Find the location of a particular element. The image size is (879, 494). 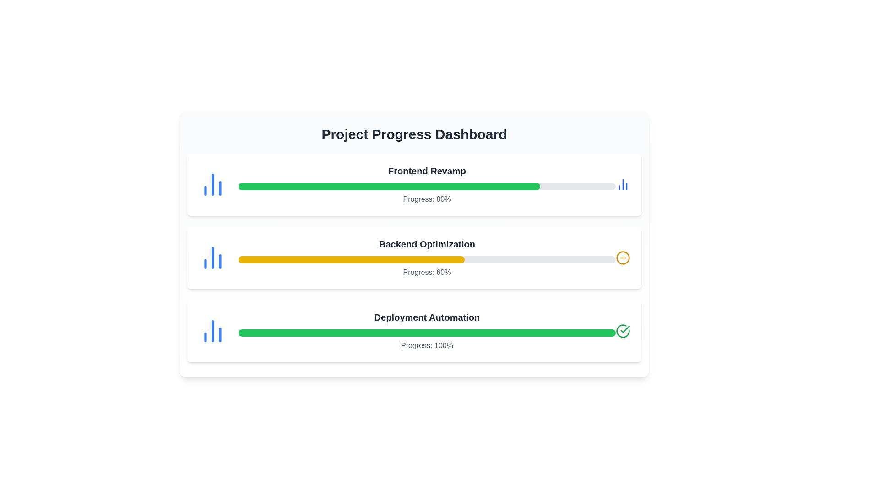

the vertical bar chart icon with three solid blue bars in the 'Backend Optimization' section is located at coordinates (212, 258).